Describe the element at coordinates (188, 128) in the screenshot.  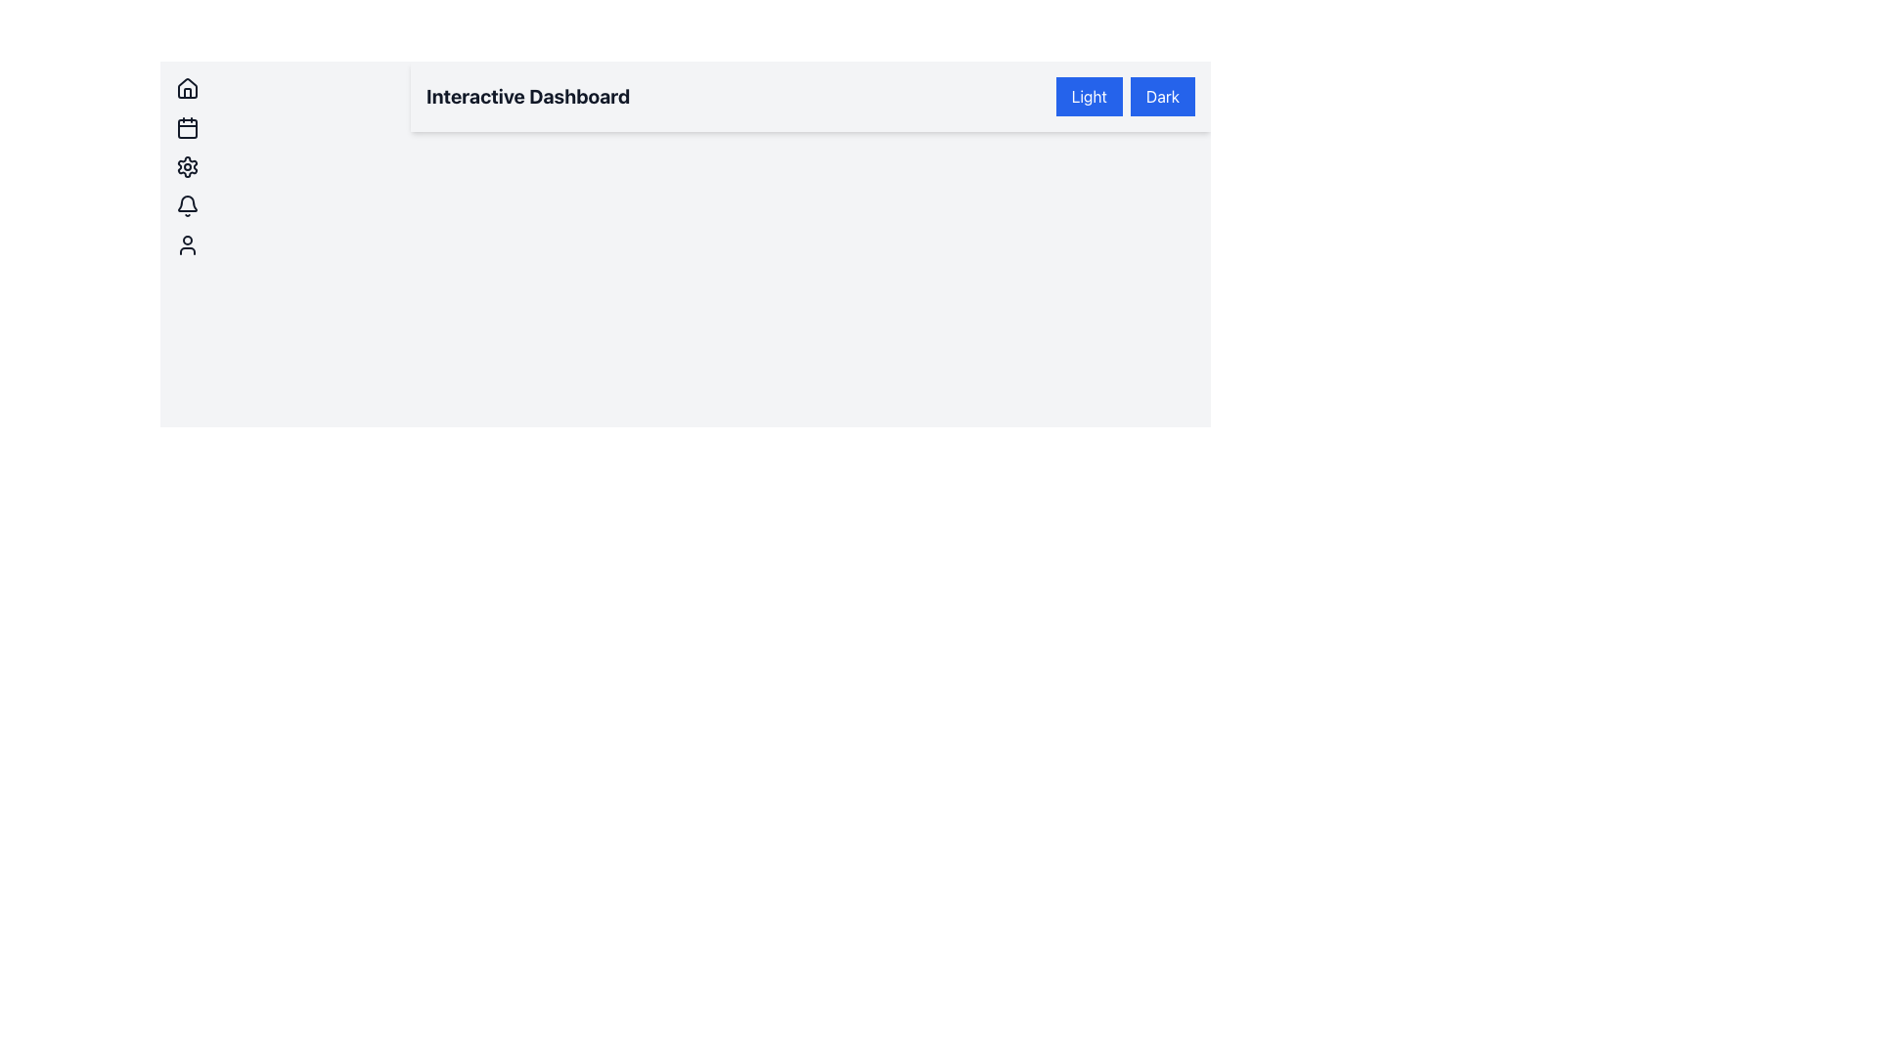
I see `the calendar icon button, which is the second item in a vertical list of icons in the sidebar` at that location.